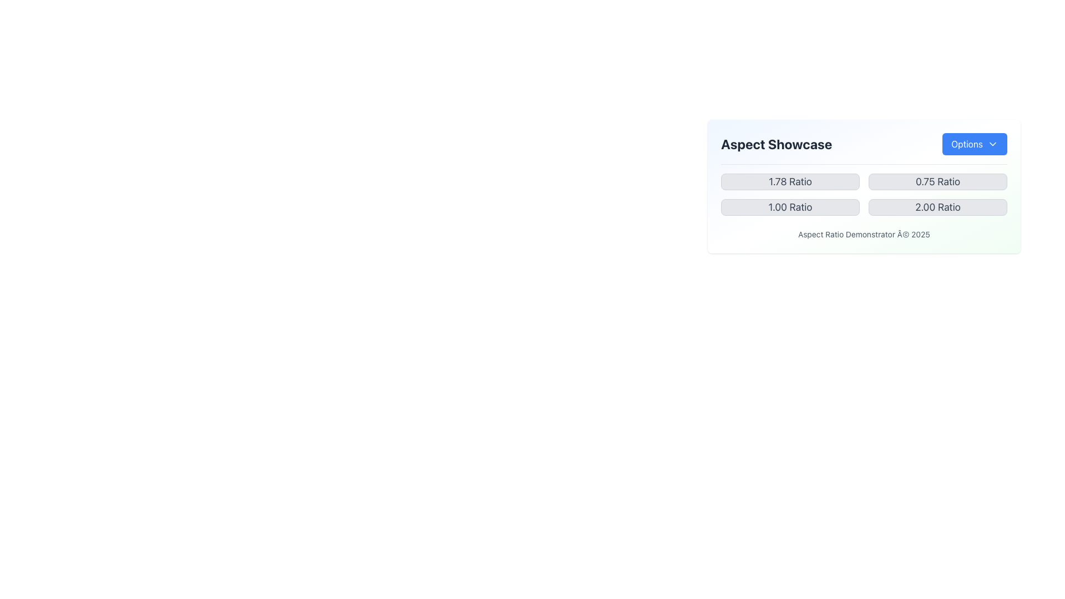 Image resolution: width=1065 pixels, height=599 pixels. I want to click on the Label element with the text '1.78 Ratio', which is a rounded rectangular button with a light gray background and darker gray bold text, located in the top-left quadrant of a 2x2 grid of buttons, so click(790, 181).